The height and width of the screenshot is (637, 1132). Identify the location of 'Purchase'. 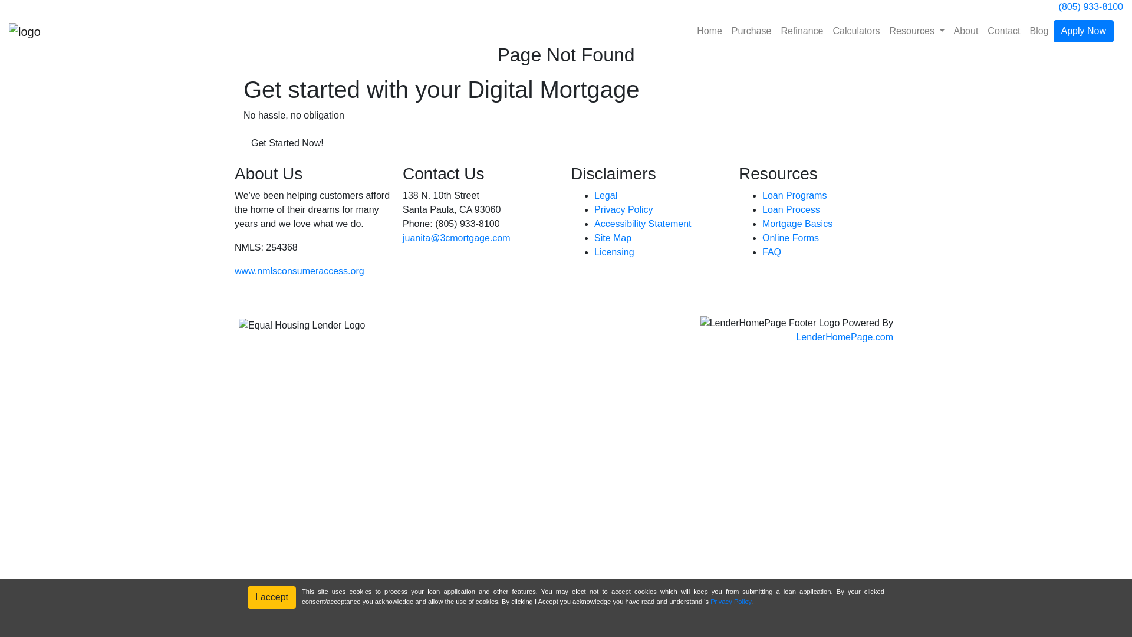
(726, 31).